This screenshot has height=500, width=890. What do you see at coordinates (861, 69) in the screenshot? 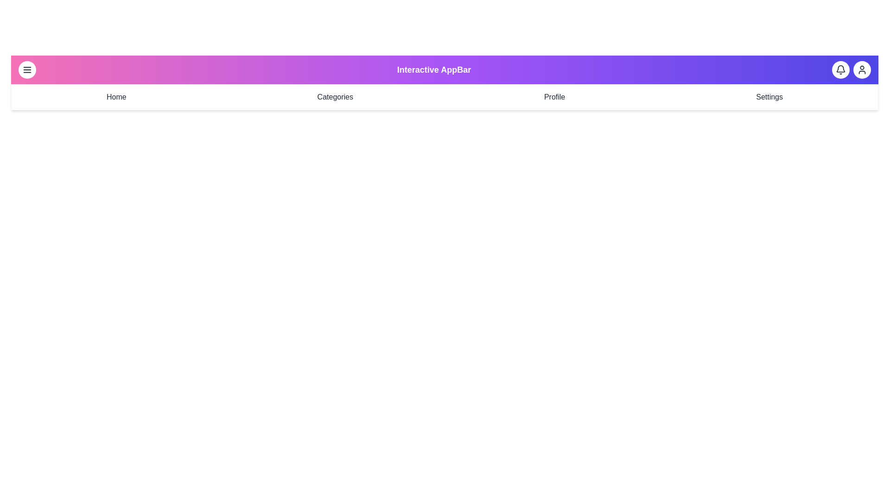
I see `the user profile button` at bounding box center [861, 69].